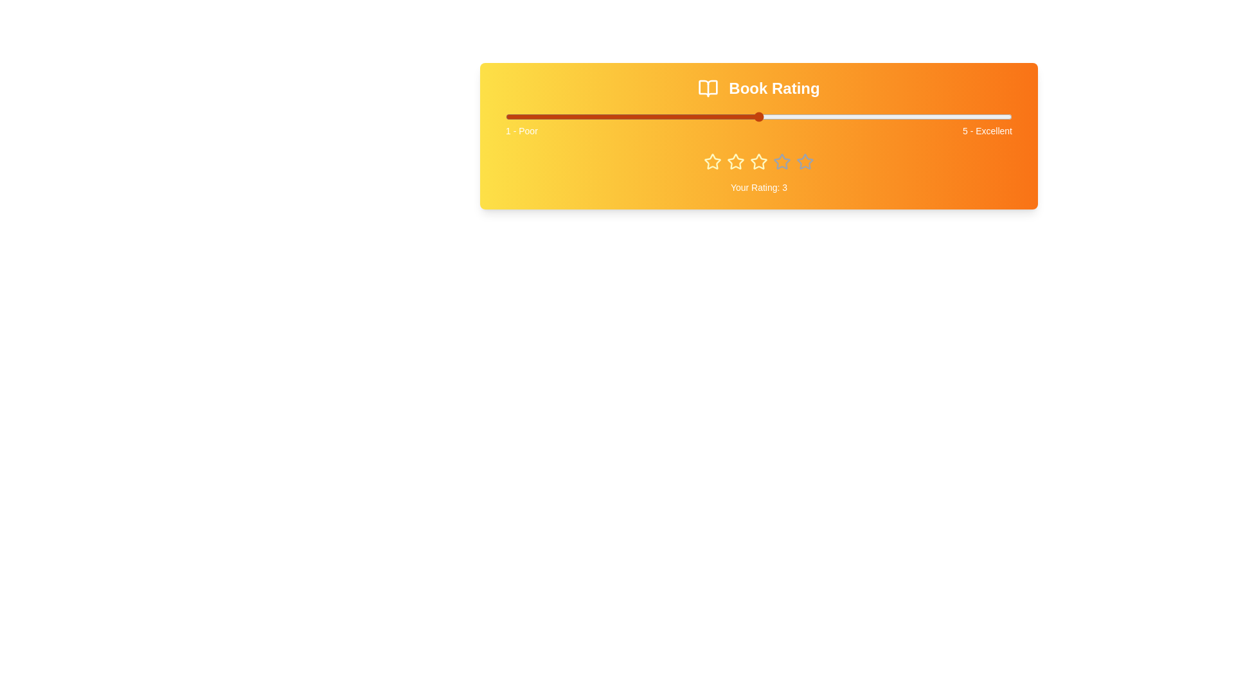  What do you see at coordinates (758, 188) in the screenshot?
I see `the static text label that indicates the user's current rating of 3, located at the bottom center of the highlighted book rating section, just below the star icons` at bounding box center [758, 188].